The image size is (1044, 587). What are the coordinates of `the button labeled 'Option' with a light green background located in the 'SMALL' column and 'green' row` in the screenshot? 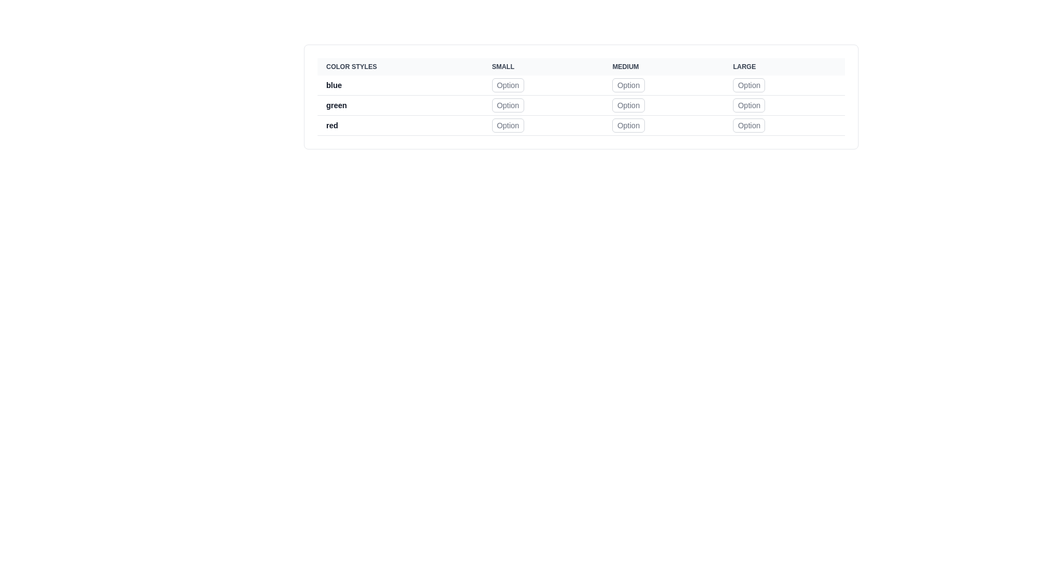 It's located at (507, 105).